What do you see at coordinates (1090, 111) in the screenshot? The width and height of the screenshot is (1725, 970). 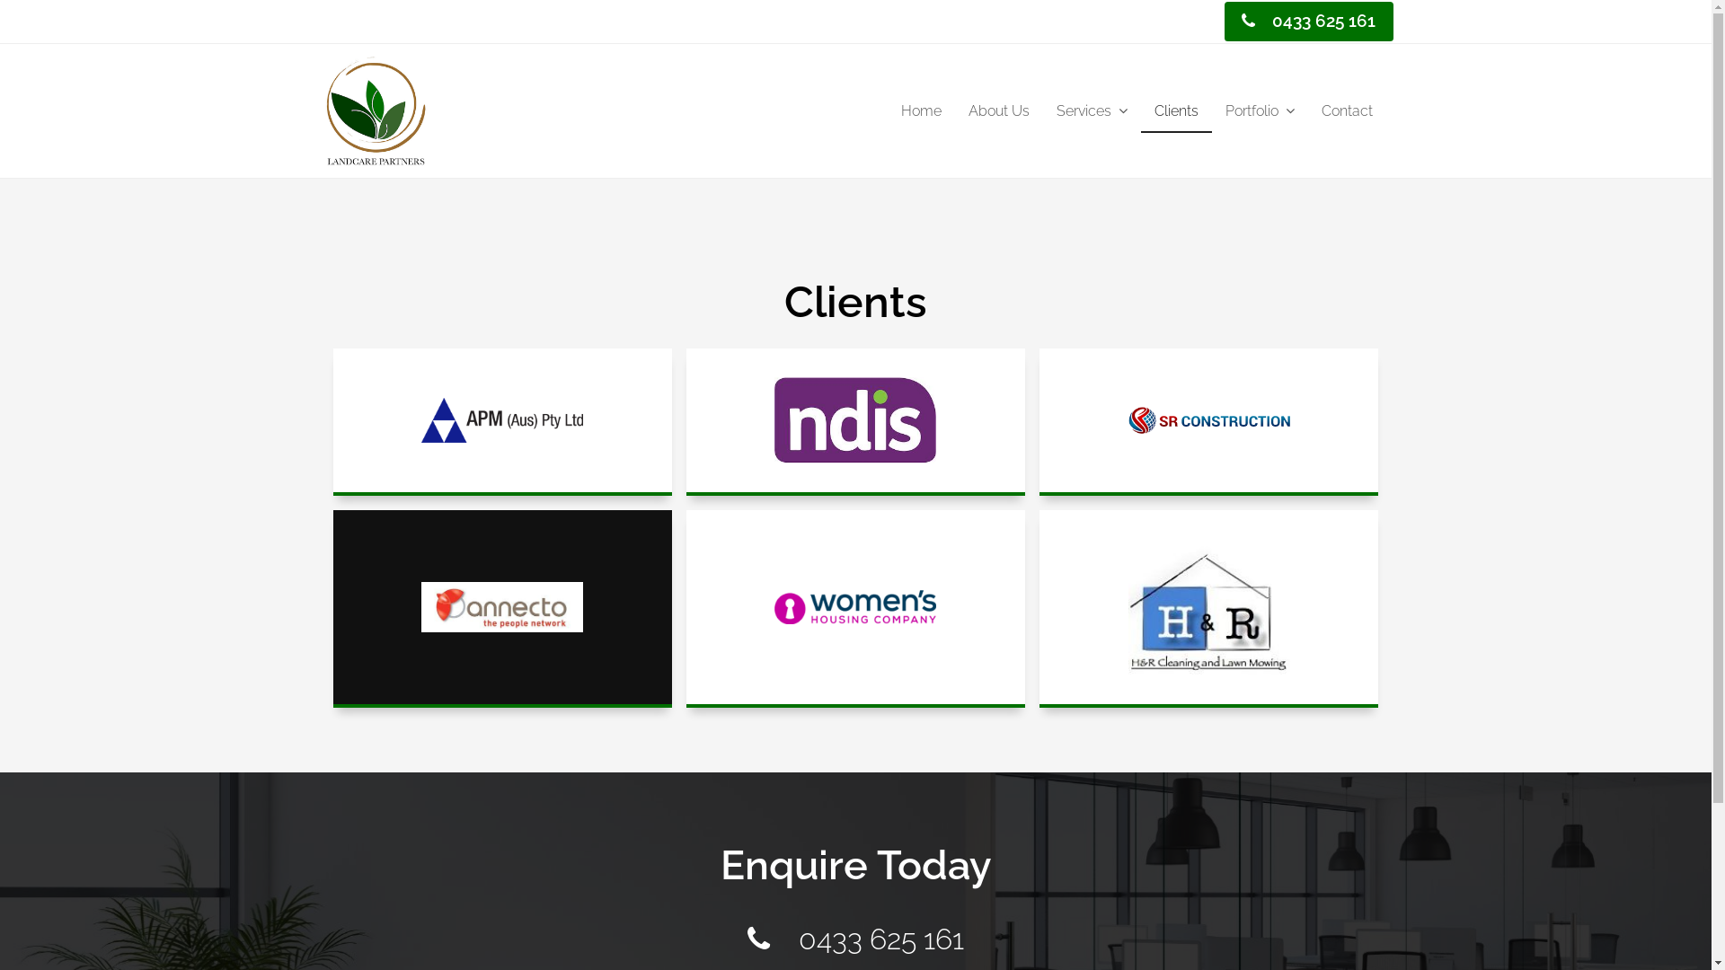 I see `'Services'` at bounding box center [1090, 111].